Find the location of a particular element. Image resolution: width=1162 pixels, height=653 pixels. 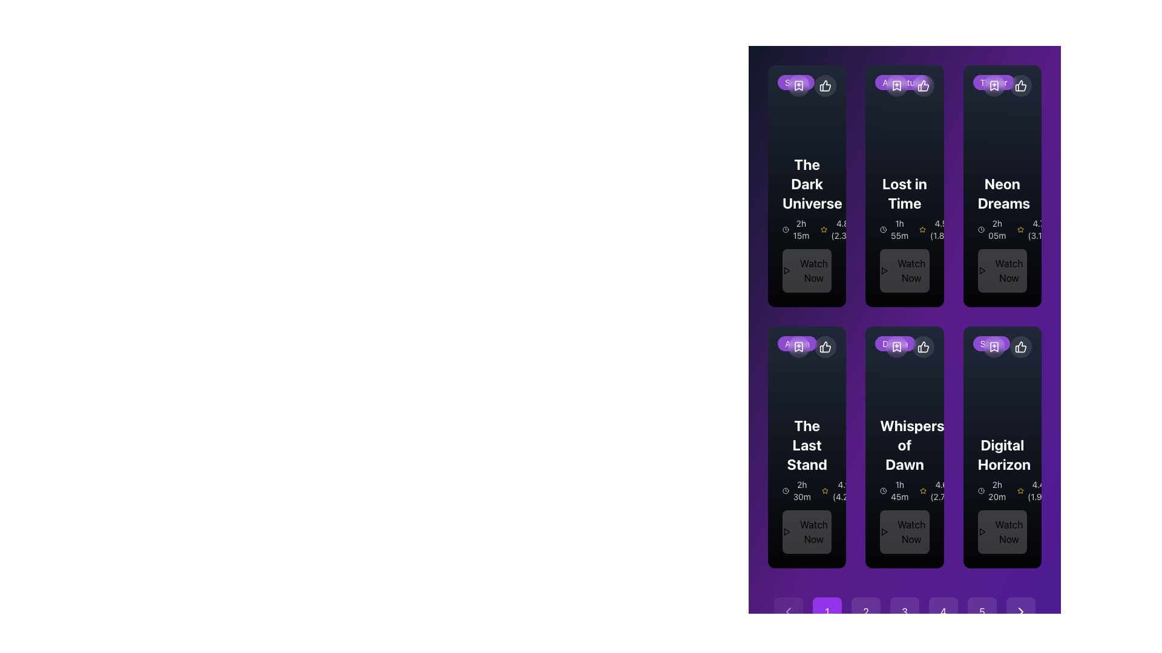

the movie feature card for 'Neon Dreams', which is the third card in the top row of the grid arrangement is located at coordinates (1002, 186).